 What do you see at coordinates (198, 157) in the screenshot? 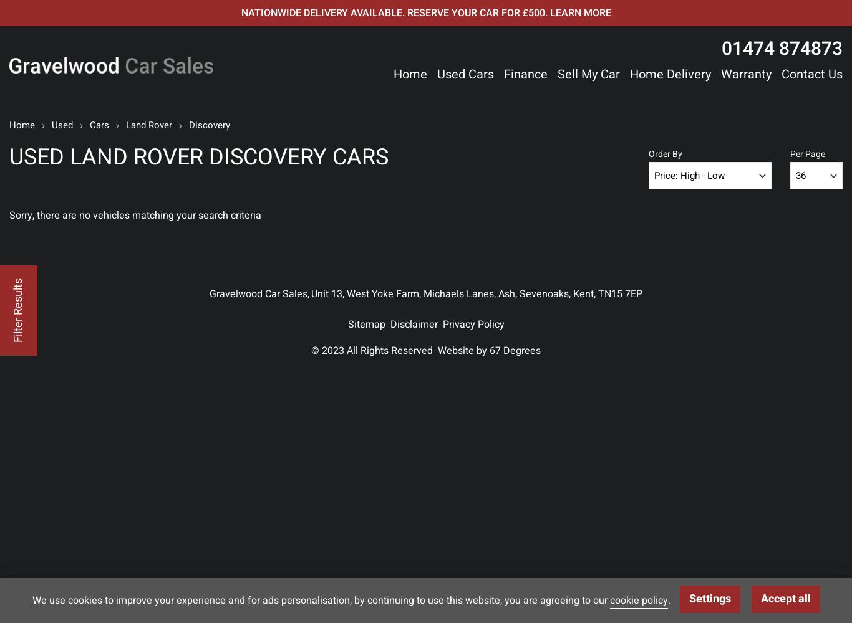
I see `'Used Land Rover Discovery Cars'` at bounding box center [198, 157].